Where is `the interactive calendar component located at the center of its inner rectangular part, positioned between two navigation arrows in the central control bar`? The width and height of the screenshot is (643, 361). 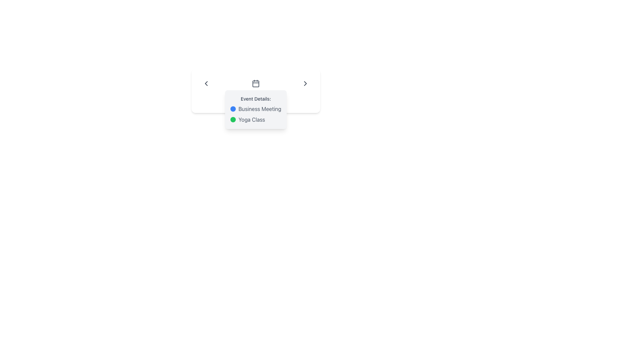
the interactive calendar component located at the center of its inner rectangular part, positioned between two navigation arrows in the central control bar is located at coordinates (255, 83).